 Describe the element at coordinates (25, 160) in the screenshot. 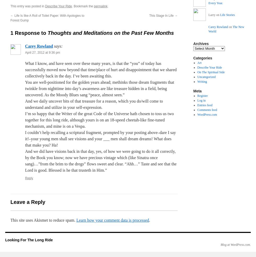

I see `'And we did have visions back in that day, yes, of how we were going to do it all correctly, by the Book you know; now we have precious vintage which (like Sinatra once sang)…”from the brim to the dregs” flows sweet and clear. “Ahh…” Taste and see that the Lord is good. Blessed is he that trusteth in Him.”'` at that location.